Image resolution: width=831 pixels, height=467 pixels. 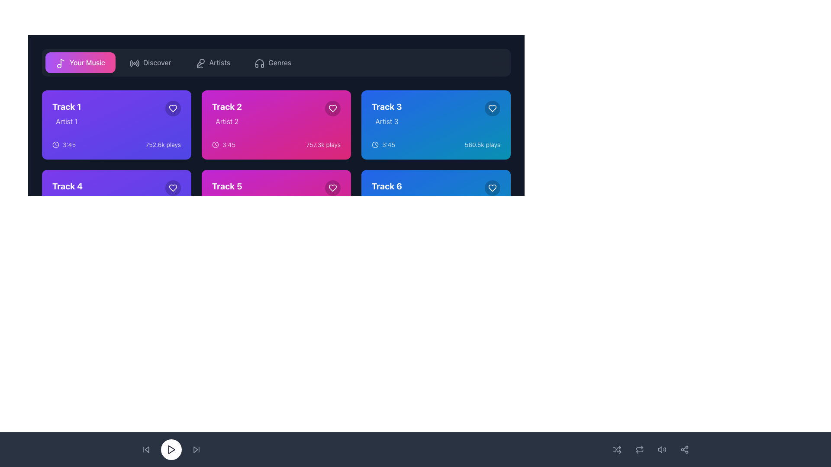 What do you see at coordinates (173, 188) in the screenshot?
I see `the circular button with a heart-shaped icon located in the lower-right corner of the 'Track 4' card for navigation purposes` at bounding box center [173, 188].